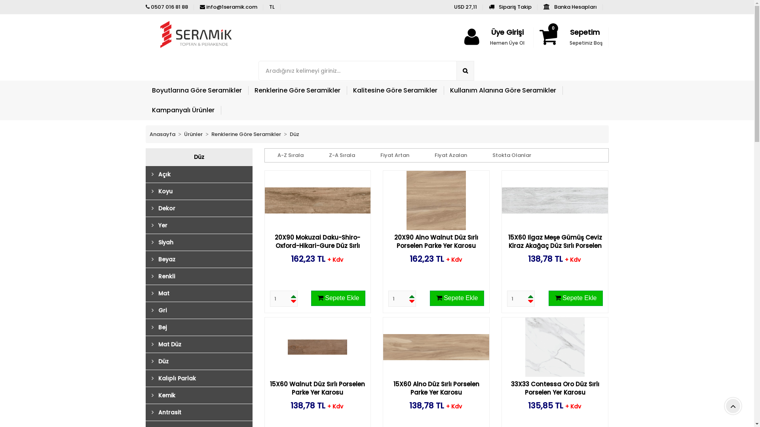 This screenshot has height=427, width=760. Describe the element at coordinates (204, 191) in the screenshot. I see `'Koyu'` at that location.